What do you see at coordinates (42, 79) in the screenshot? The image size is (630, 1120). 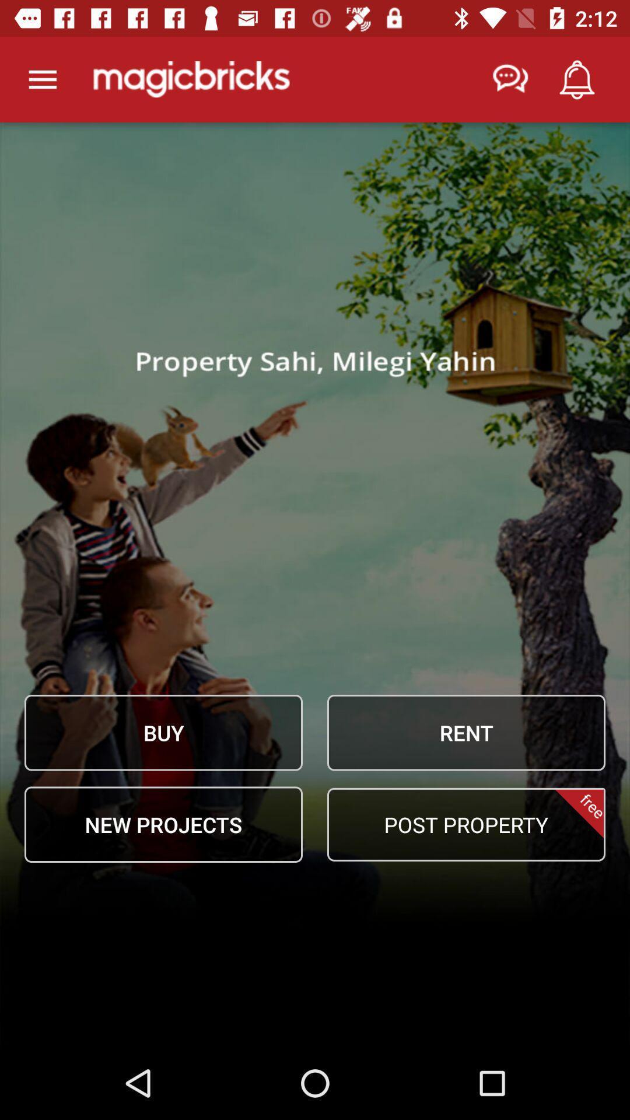 I see `menu` at bounding box center [42, 79].